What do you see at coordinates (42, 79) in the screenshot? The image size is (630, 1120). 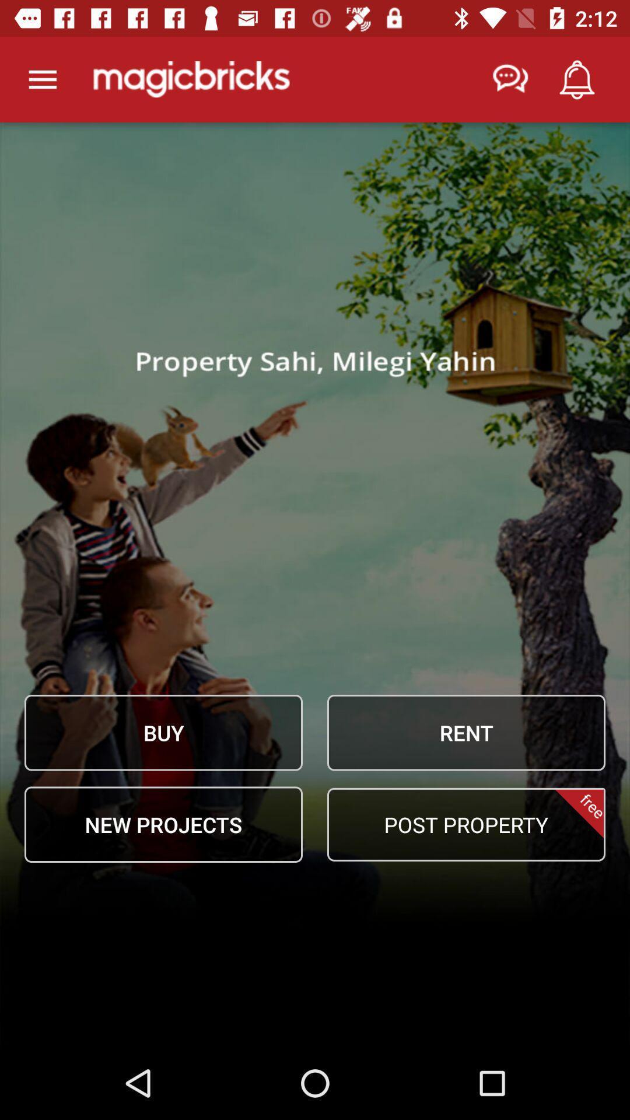 I see `menu` at bounding box center [42, 79].